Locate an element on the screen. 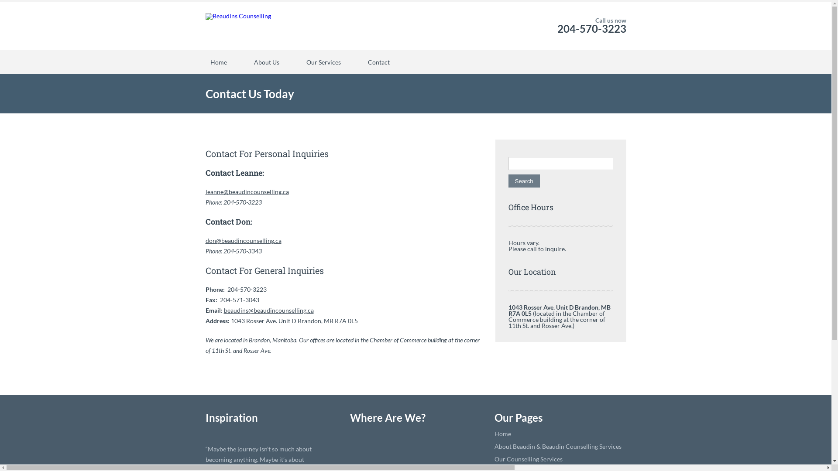 Image resolution: width=838 pixels, height=471 pixels. 'Our Services' is located at coordinates (323, 61).